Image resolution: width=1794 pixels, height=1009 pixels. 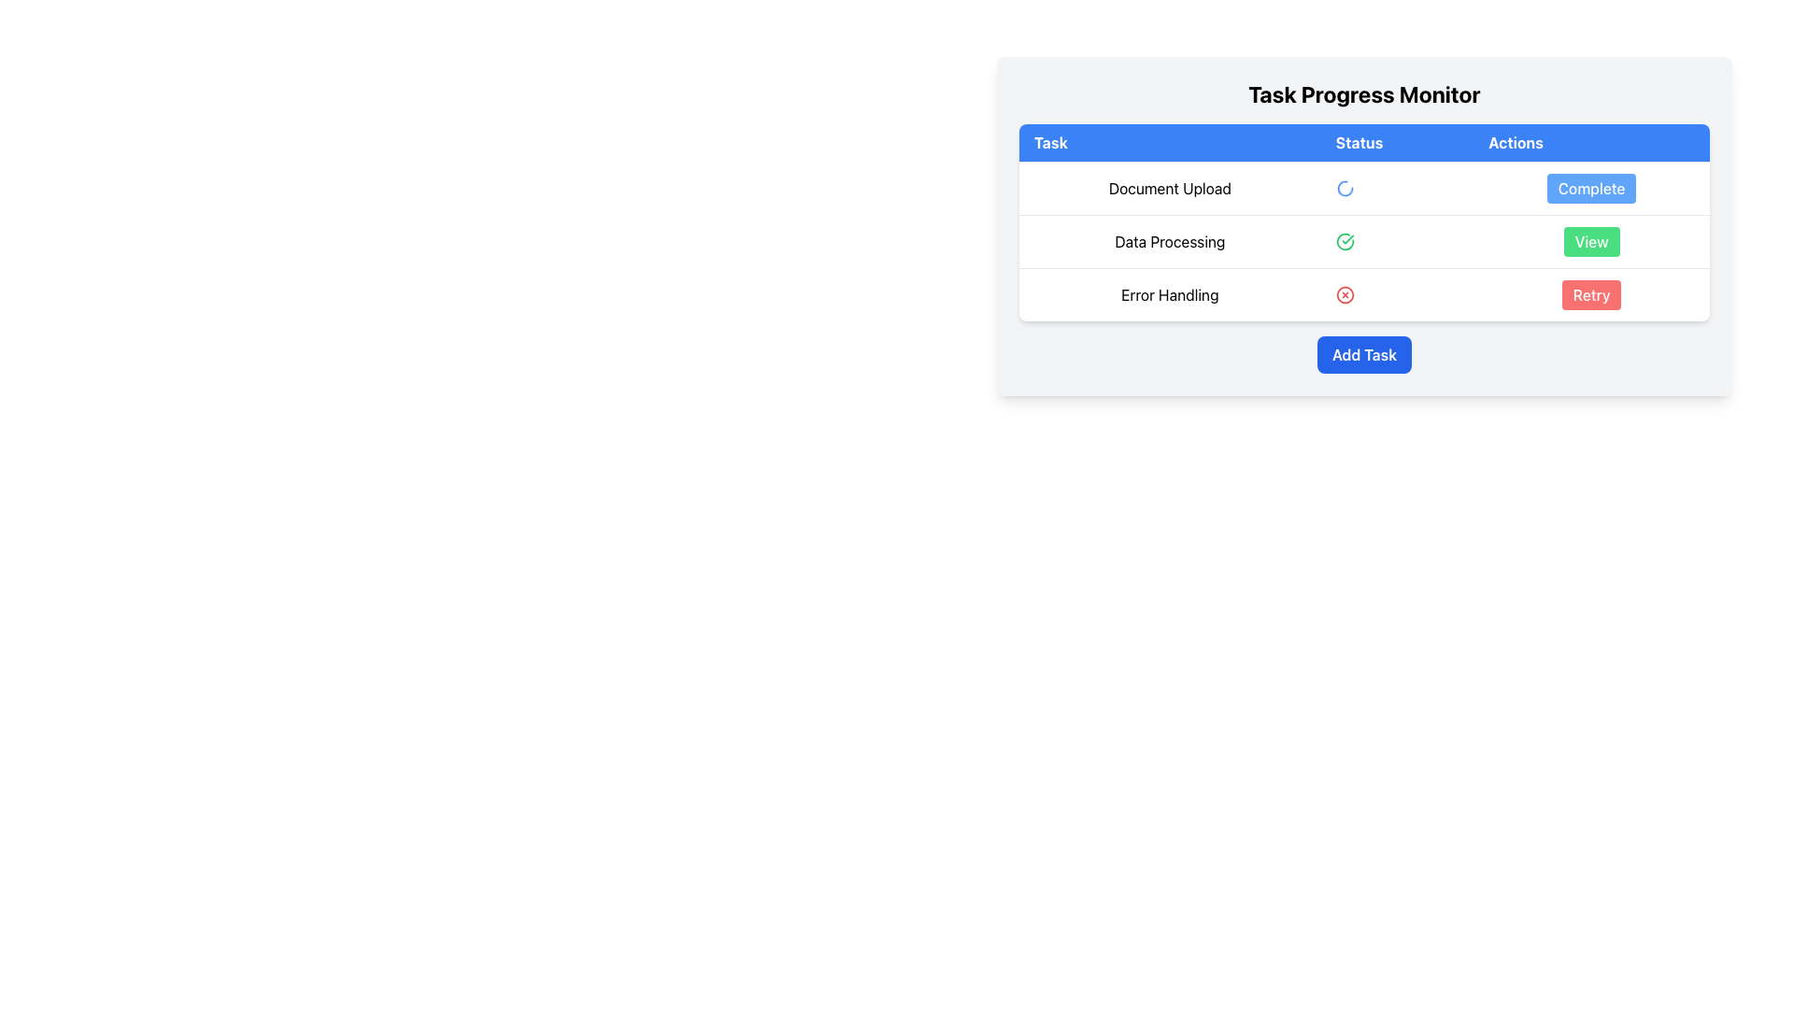 I want to click on the green circular icon with a checkmark symbol in the 'Status' column of the 'Data Processing' row in the task table, so click(x=1344, y=240).